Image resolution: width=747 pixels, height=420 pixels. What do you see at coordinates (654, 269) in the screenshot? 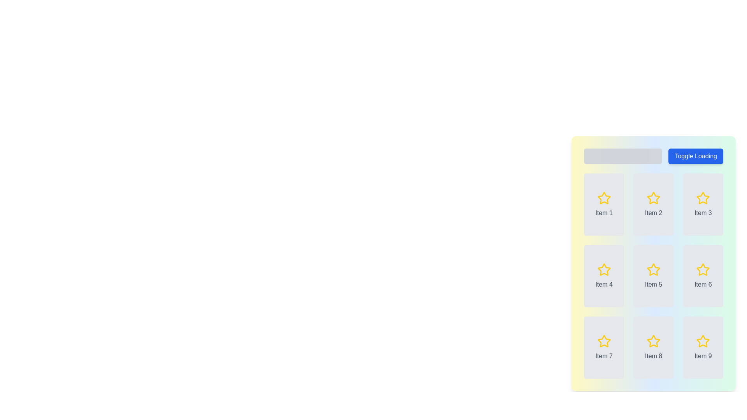
I see `the star-shaped icon located in the fifth cell of a 3x3 grid layout, which serves as a rating or favorite selection indicator` at bounding box center [654, 269].